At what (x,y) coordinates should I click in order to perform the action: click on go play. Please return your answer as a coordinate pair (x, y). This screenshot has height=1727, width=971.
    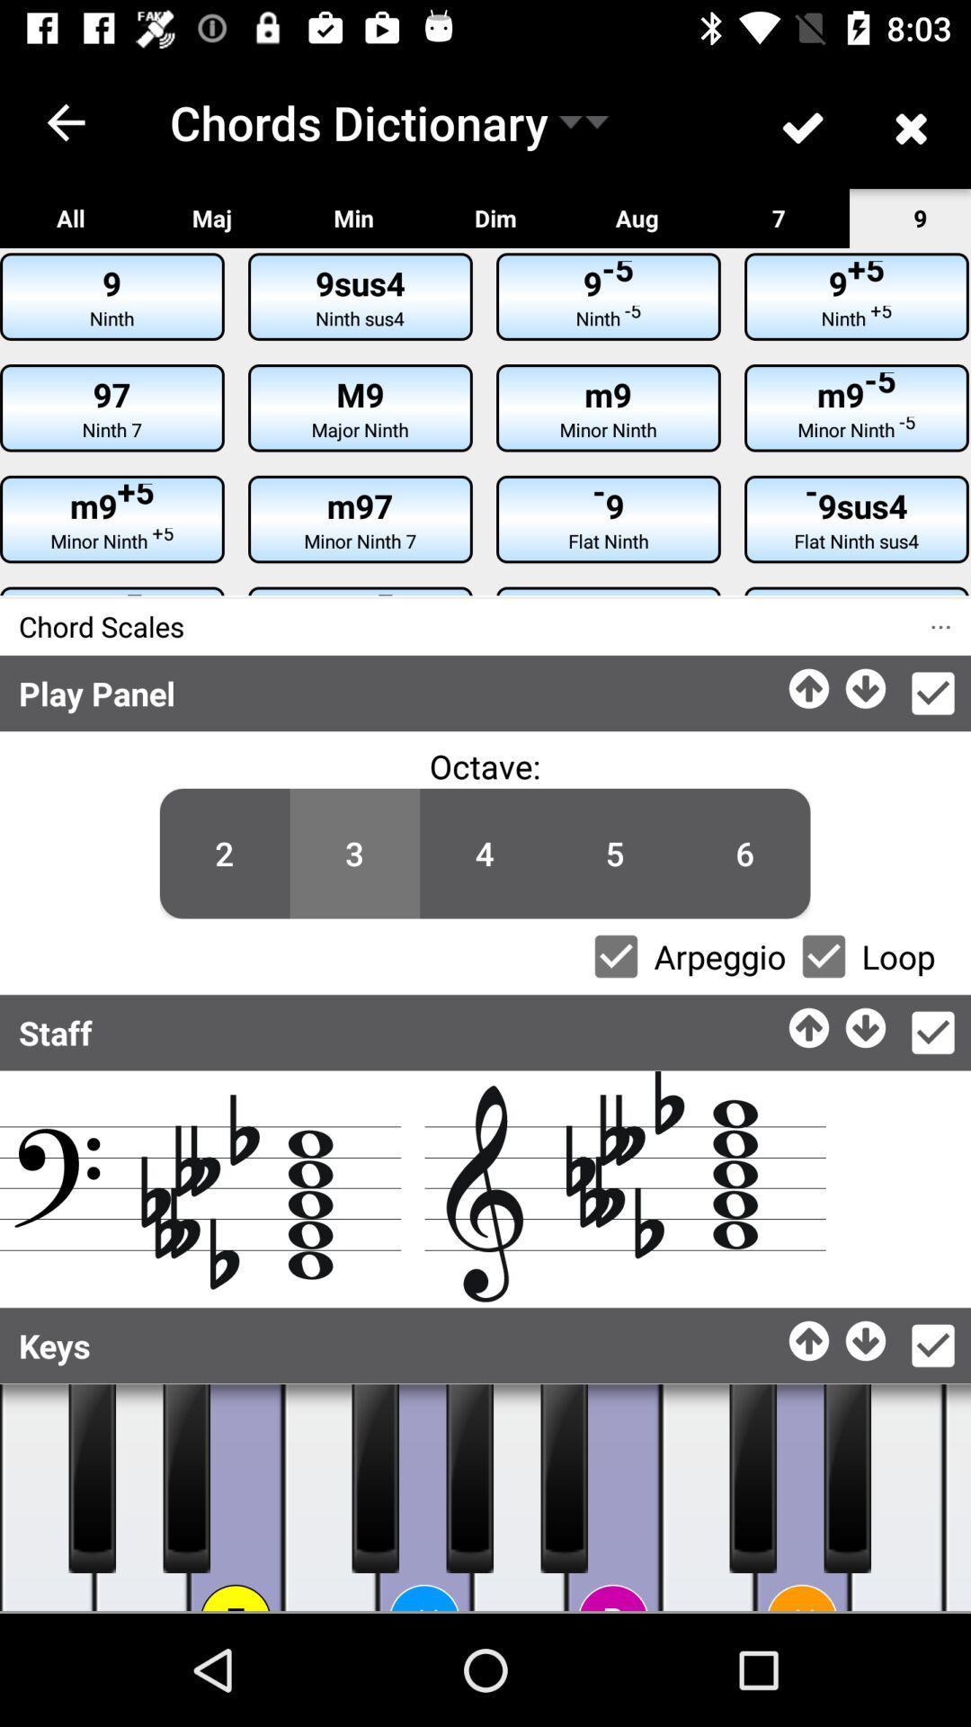
    Looking at the image, I should click on (140, 1498).